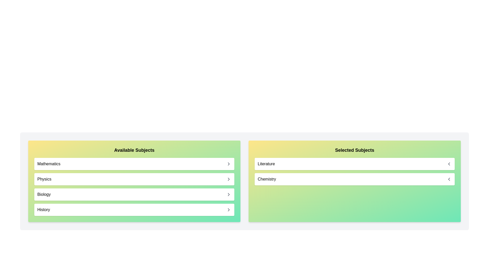 Image resolution: width=488 pixels, height=275 pixels. What do you see at coordinates (449, 179) in the screenshot?
I see `left arrow button next to the subject Chemistry in the 'Selected Subjects' list to move it to 'Available Subjects'` at bounding box center [449, 179].